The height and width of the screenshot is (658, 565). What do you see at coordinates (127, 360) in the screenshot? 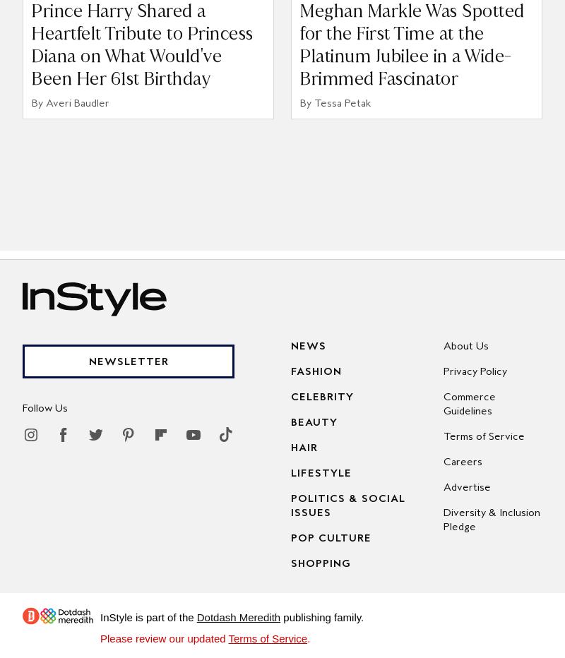
I see `'Newsletter'` at bounding box center [127, 360].